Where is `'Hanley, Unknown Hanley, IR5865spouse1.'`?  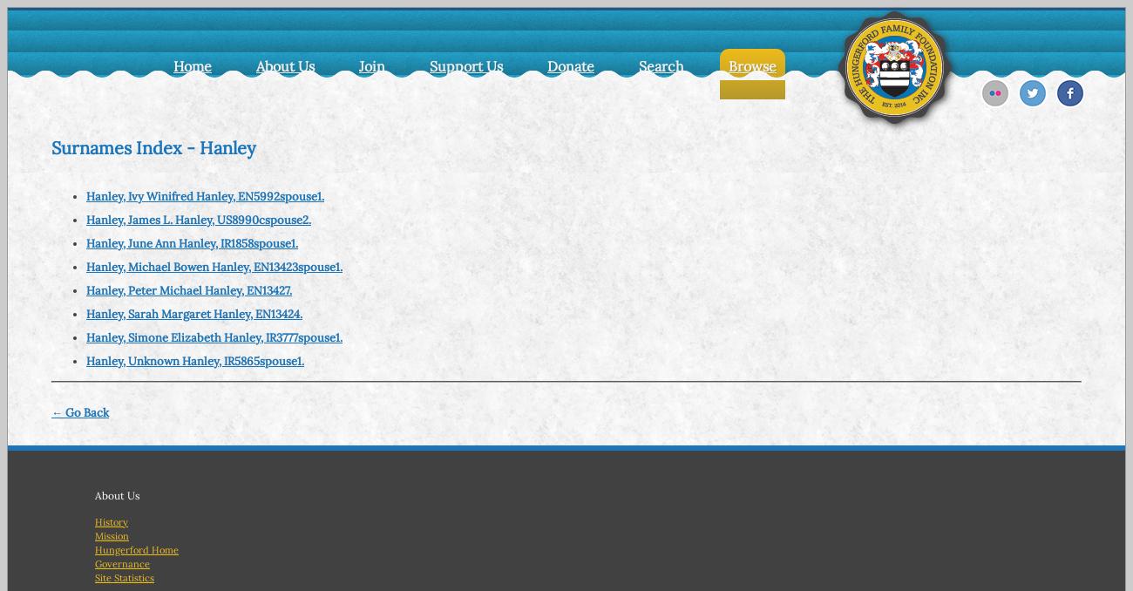
'Hanley, Unknown Hanley, IR5865spouse1.' is located at coordinates (193, 360).